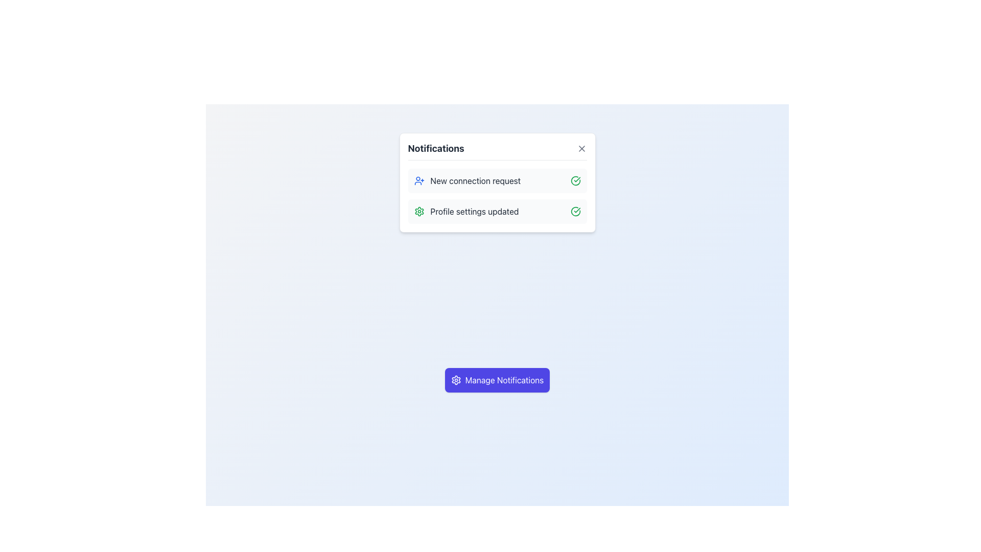  I want to click on the blue user profile icon with a plus symbol located on the left side of the 'New connection request' notification, so click(419, 180).